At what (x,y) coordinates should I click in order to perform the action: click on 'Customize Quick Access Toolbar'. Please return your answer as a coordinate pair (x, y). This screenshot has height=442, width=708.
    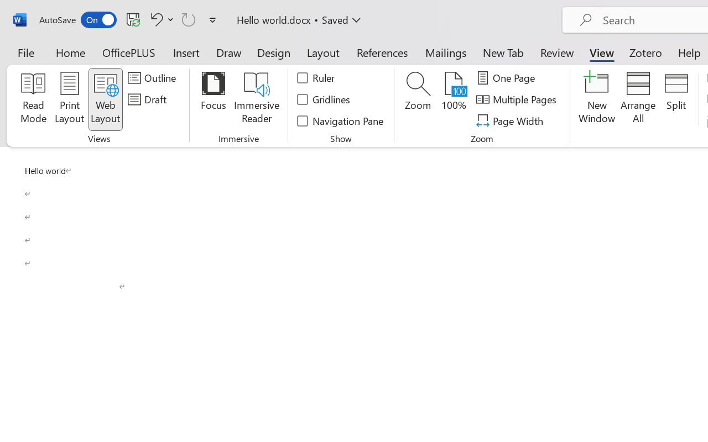
    Looking at the image, I should click on (212, 19).